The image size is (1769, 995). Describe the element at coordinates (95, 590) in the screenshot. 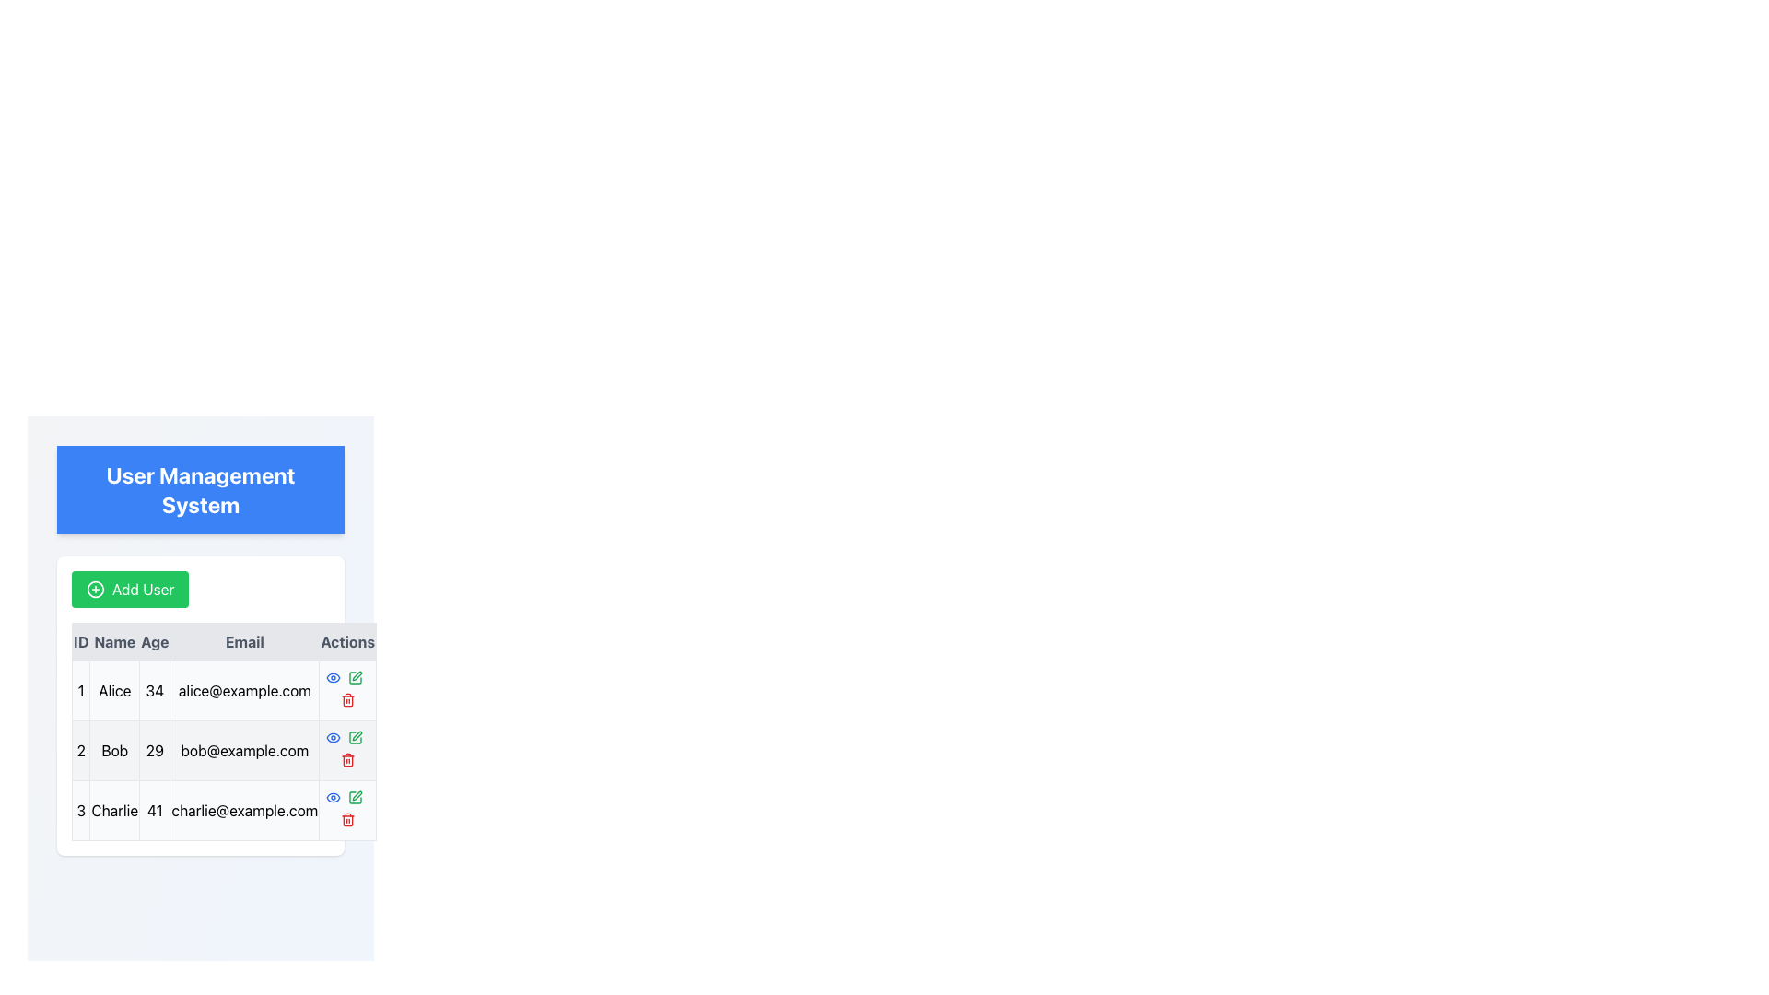

I see `the outermost circular shape of the 'Add User' button, which symbolizes the ability to add items or users` at that location.